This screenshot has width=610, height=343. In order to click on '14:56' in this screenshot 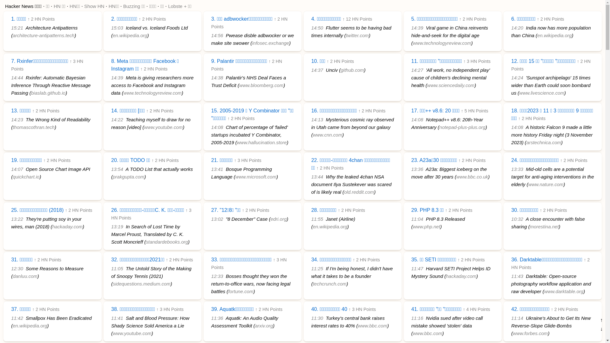, I will do `click(217, 35)`.